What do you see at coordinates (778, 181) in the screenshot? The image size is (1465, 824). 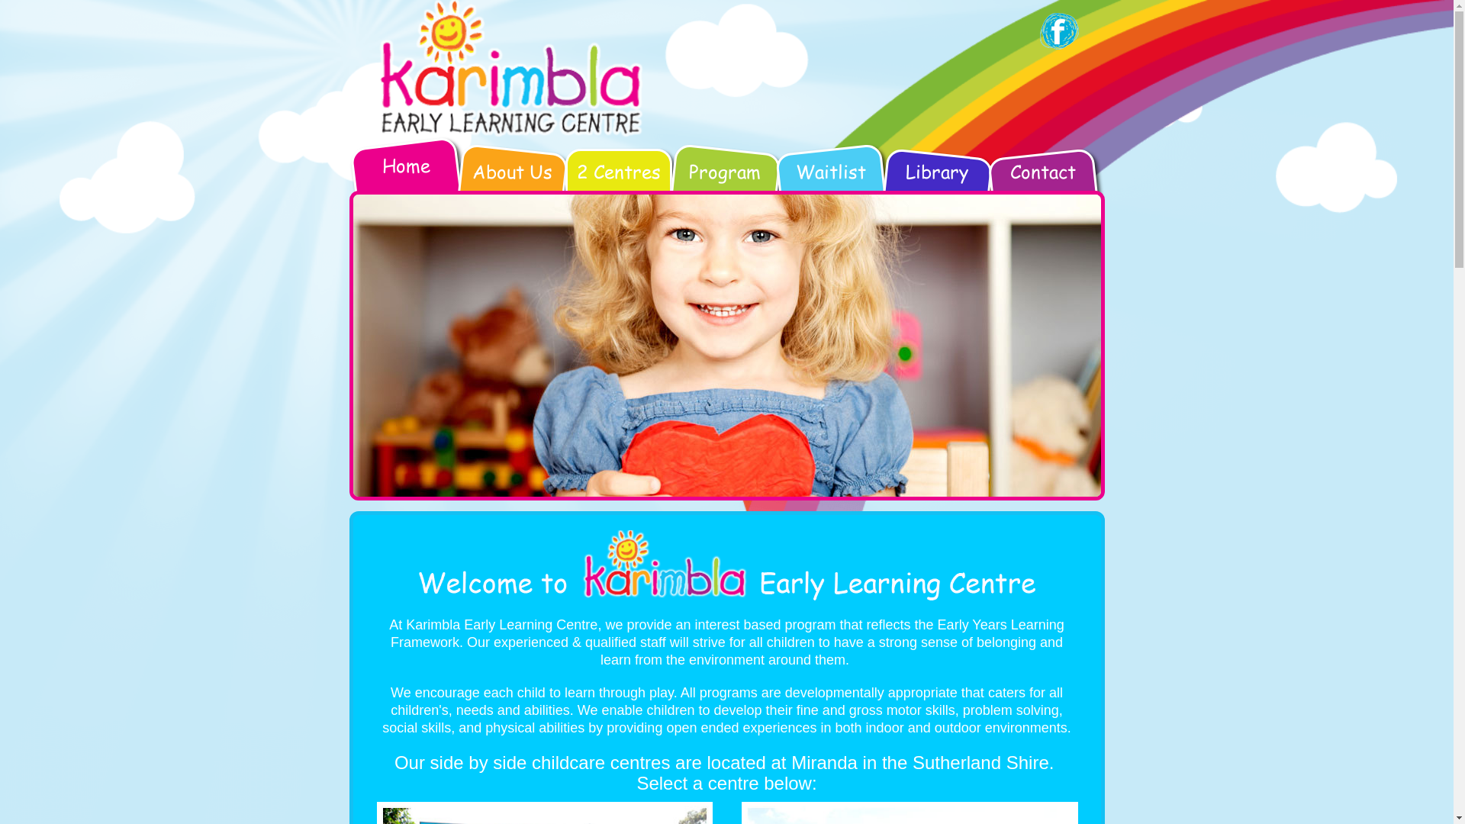 I see `'Waitlist'` at bounding box center [778, 181].